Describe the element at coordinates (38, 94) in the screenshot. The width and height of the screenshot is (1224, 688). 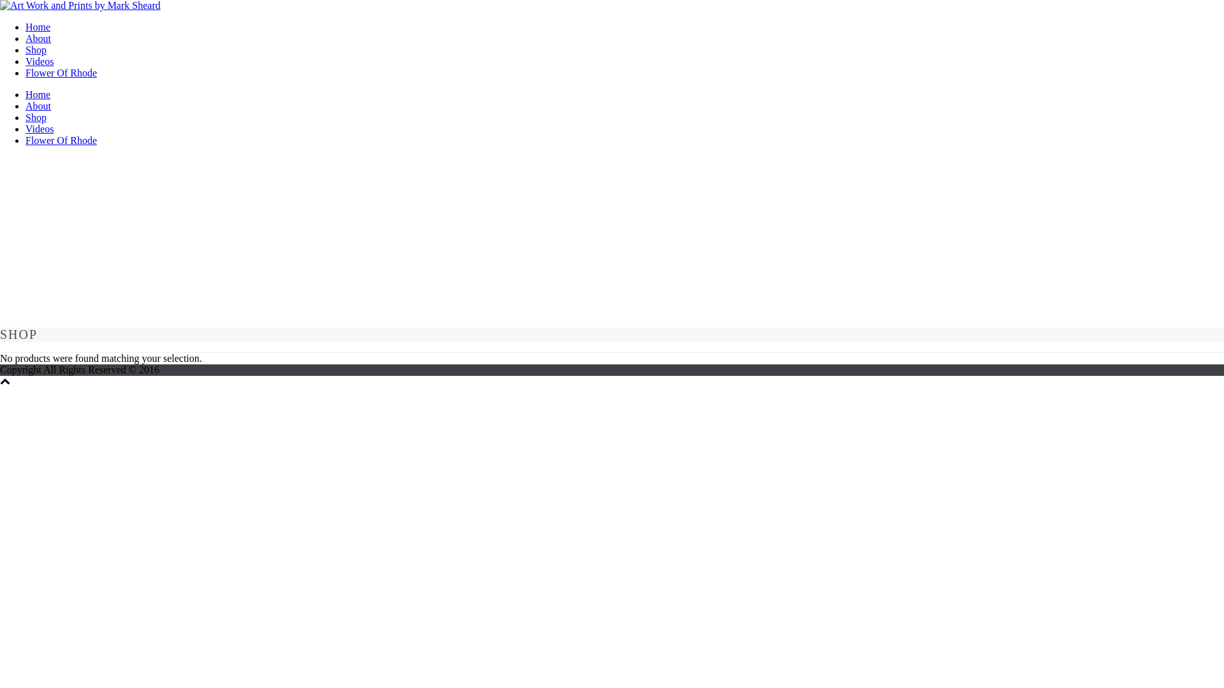
I see `'Home'` at that location.